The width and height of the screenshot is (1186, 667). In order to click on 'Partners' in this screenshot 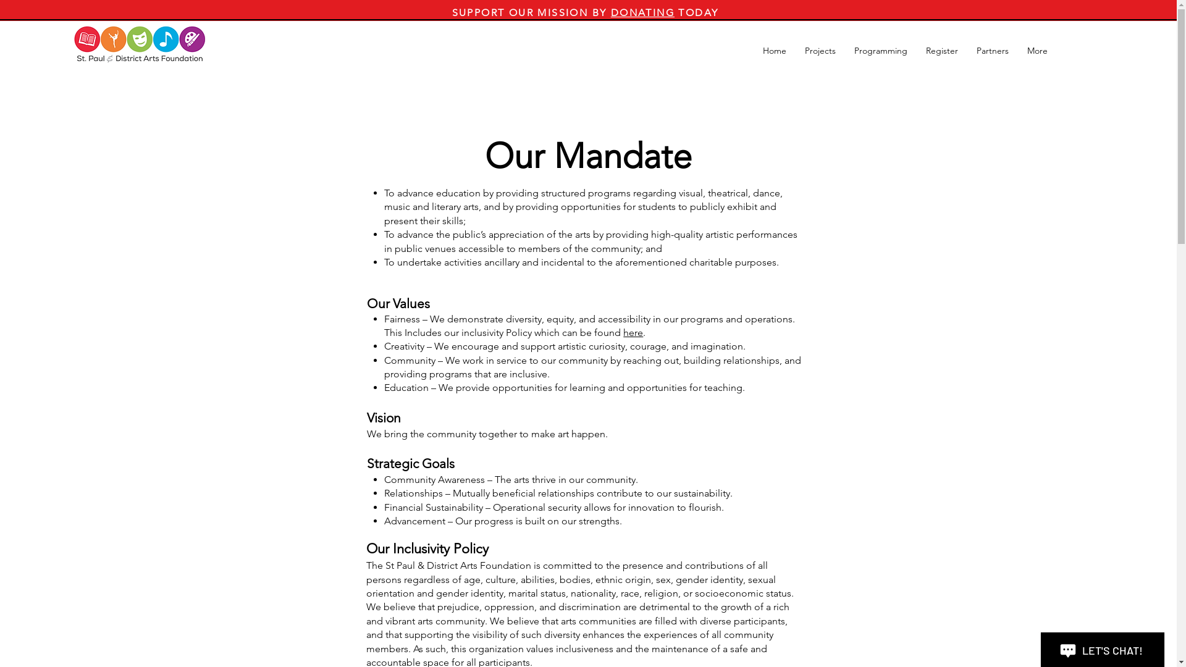, I will do `click(993, 49)`.